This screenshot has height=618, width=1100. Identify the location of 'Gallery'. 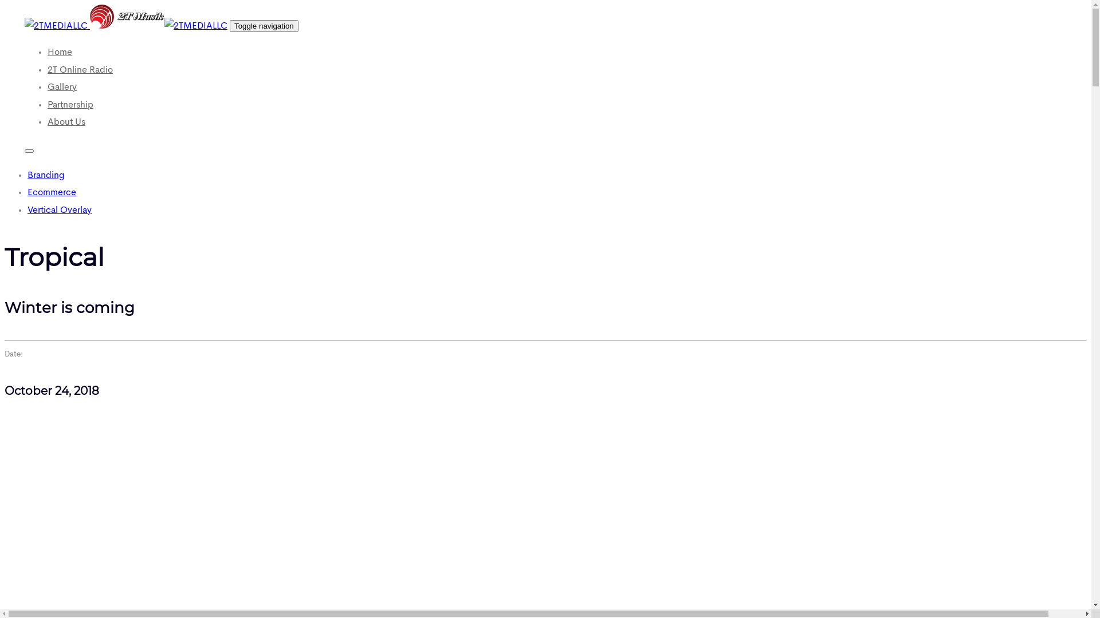
(61, 87).